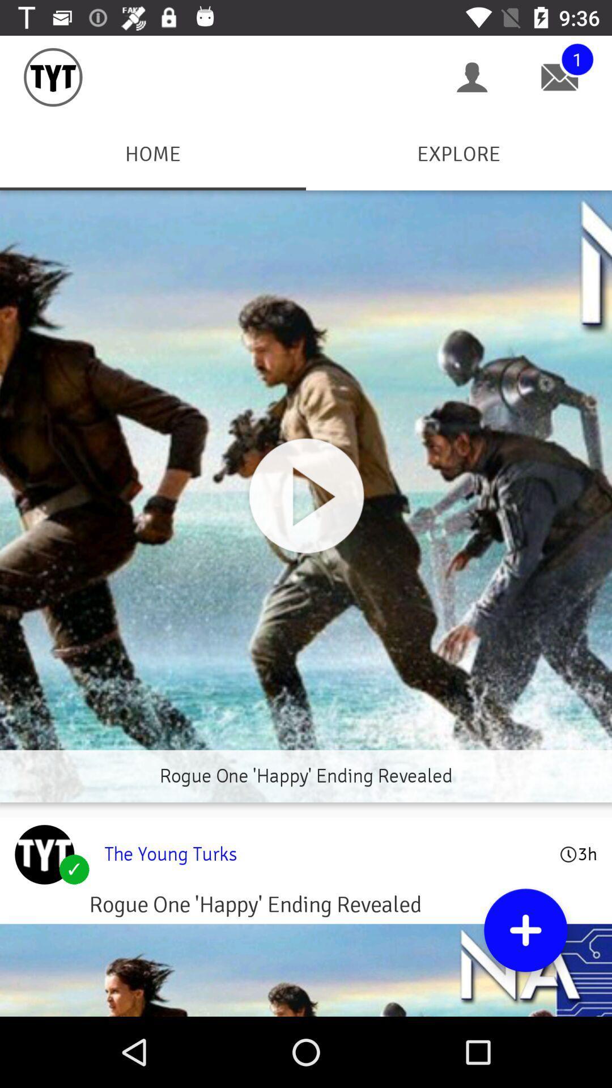 This screenshot has width=612, height=1088. I want to click on item below the young turks item, so click(525, 930).